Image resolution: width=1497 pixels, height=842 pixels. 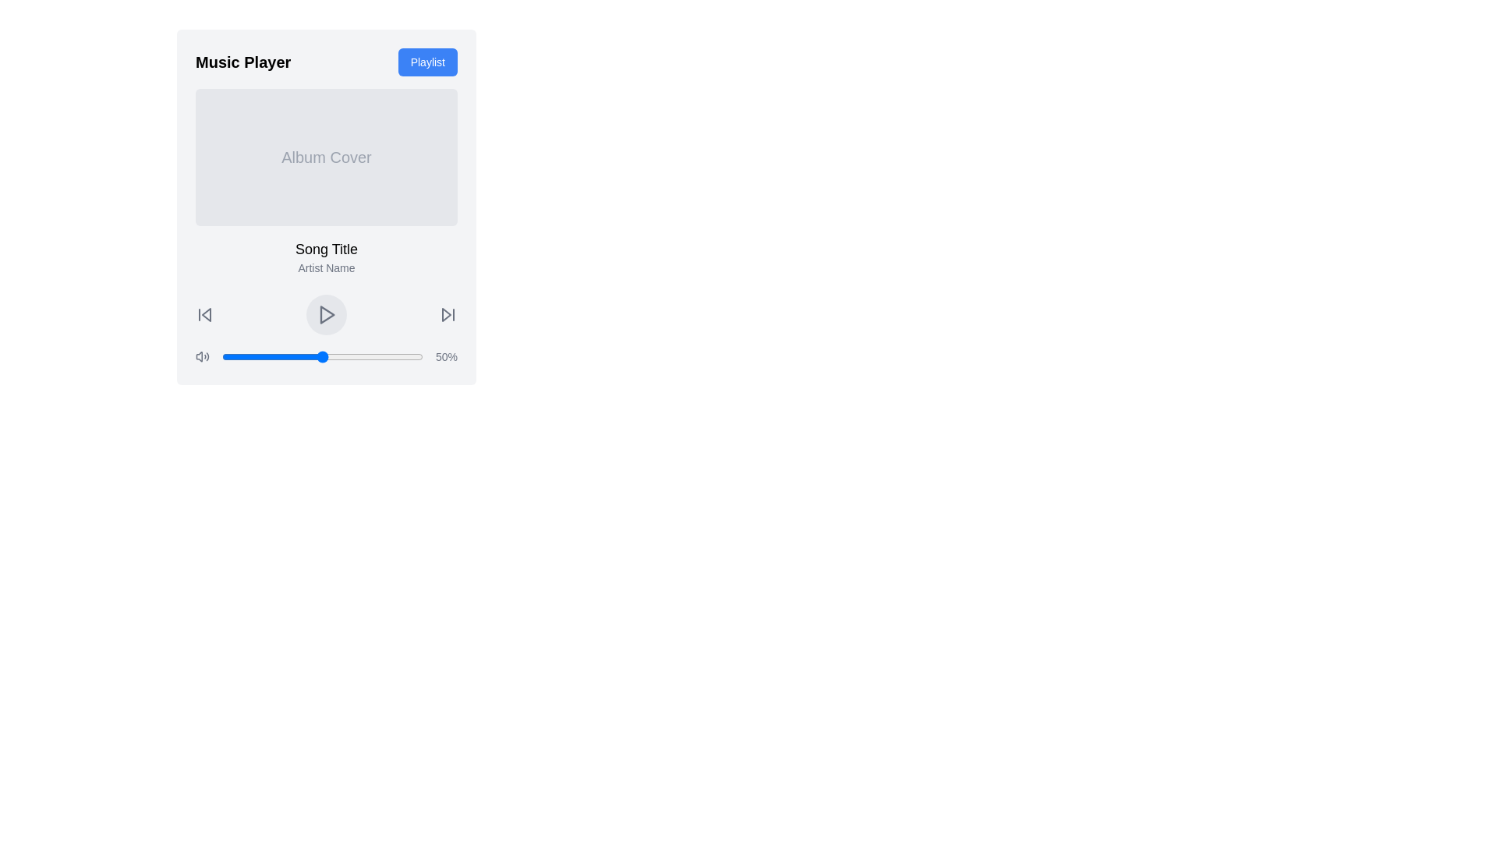 What do you see at coordinates (325, 267) in the screenshot?
I see `displayed text of the artist name located directly beneath the 'Song Title' text label in the music player interface` at bounding box center [325, 267].